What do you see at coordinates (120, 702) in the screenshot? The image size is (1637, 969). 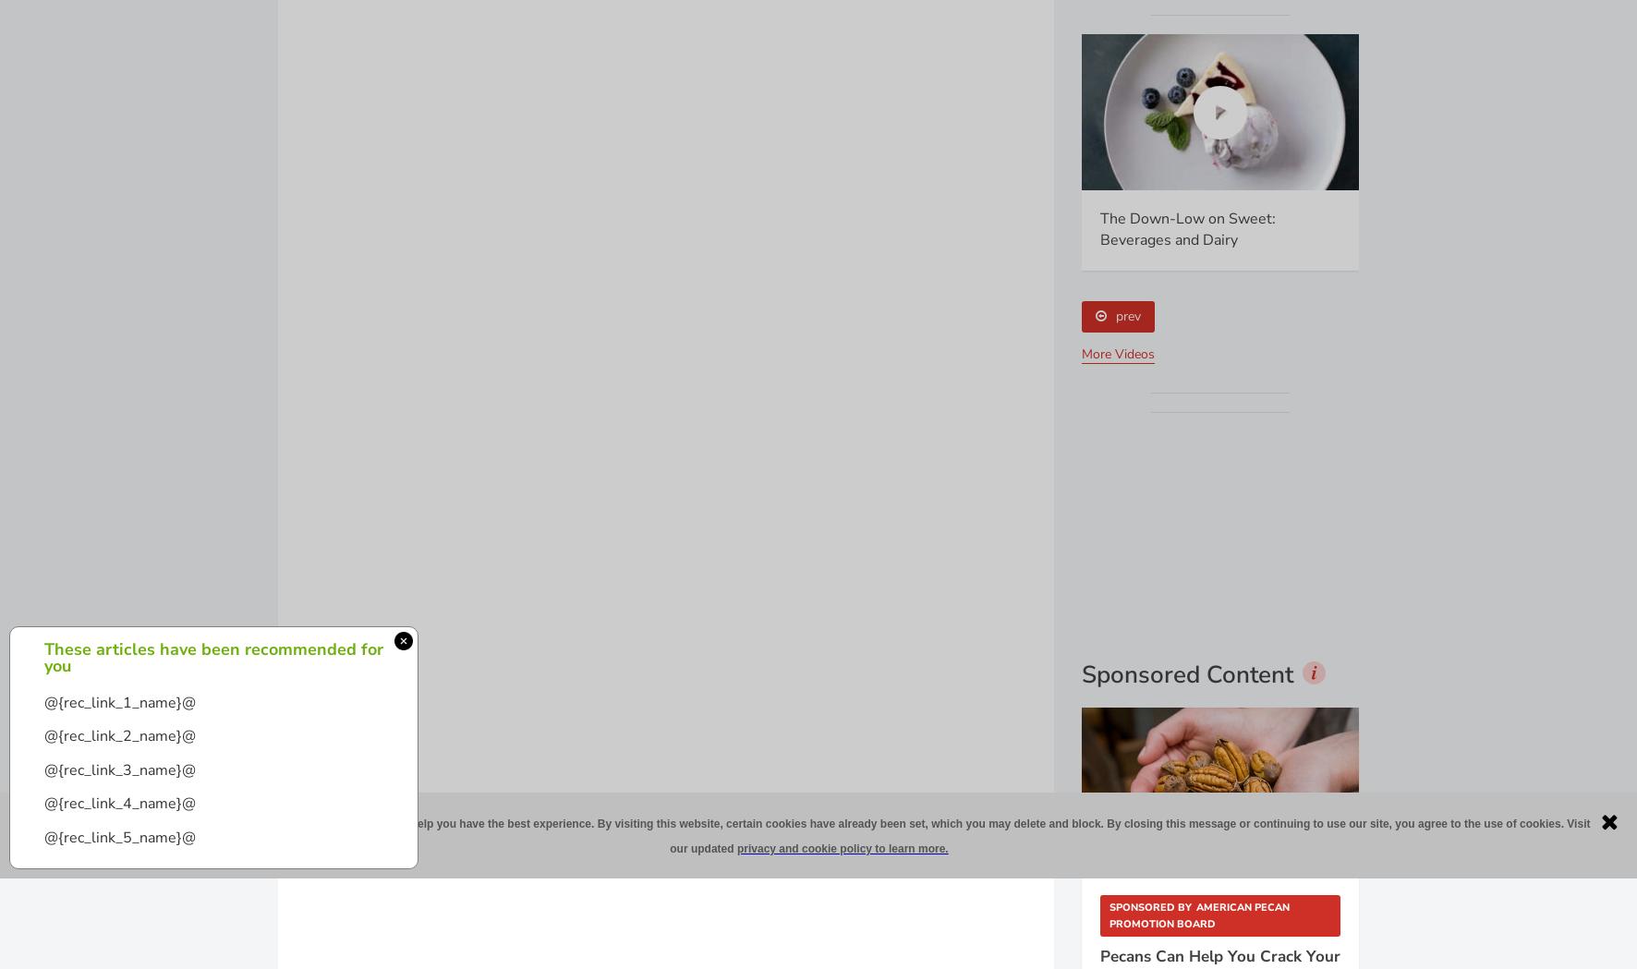 I see `'@{rec_link_1_name}@'` at bounding box center [120, 702].